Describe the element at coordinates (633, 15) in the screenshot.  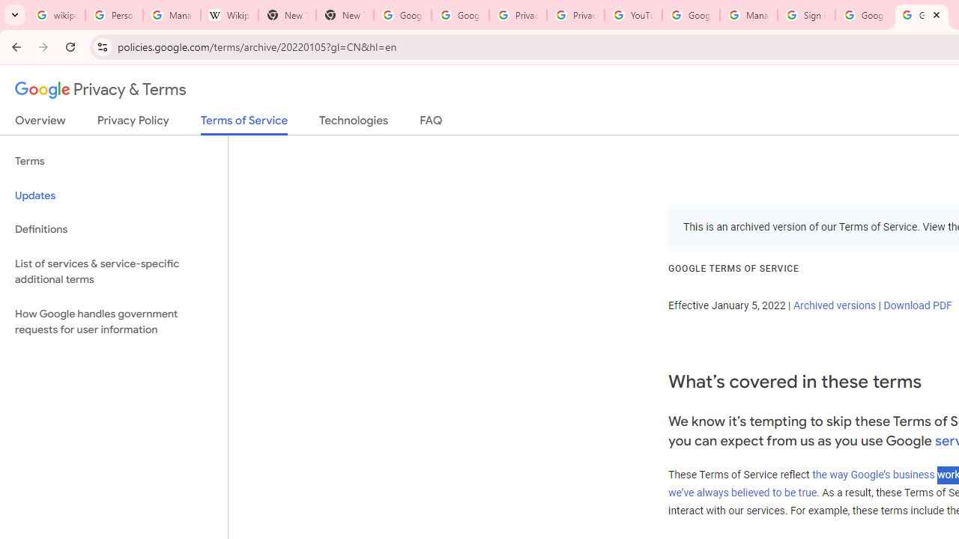
I see `'YouTube'` at that location.